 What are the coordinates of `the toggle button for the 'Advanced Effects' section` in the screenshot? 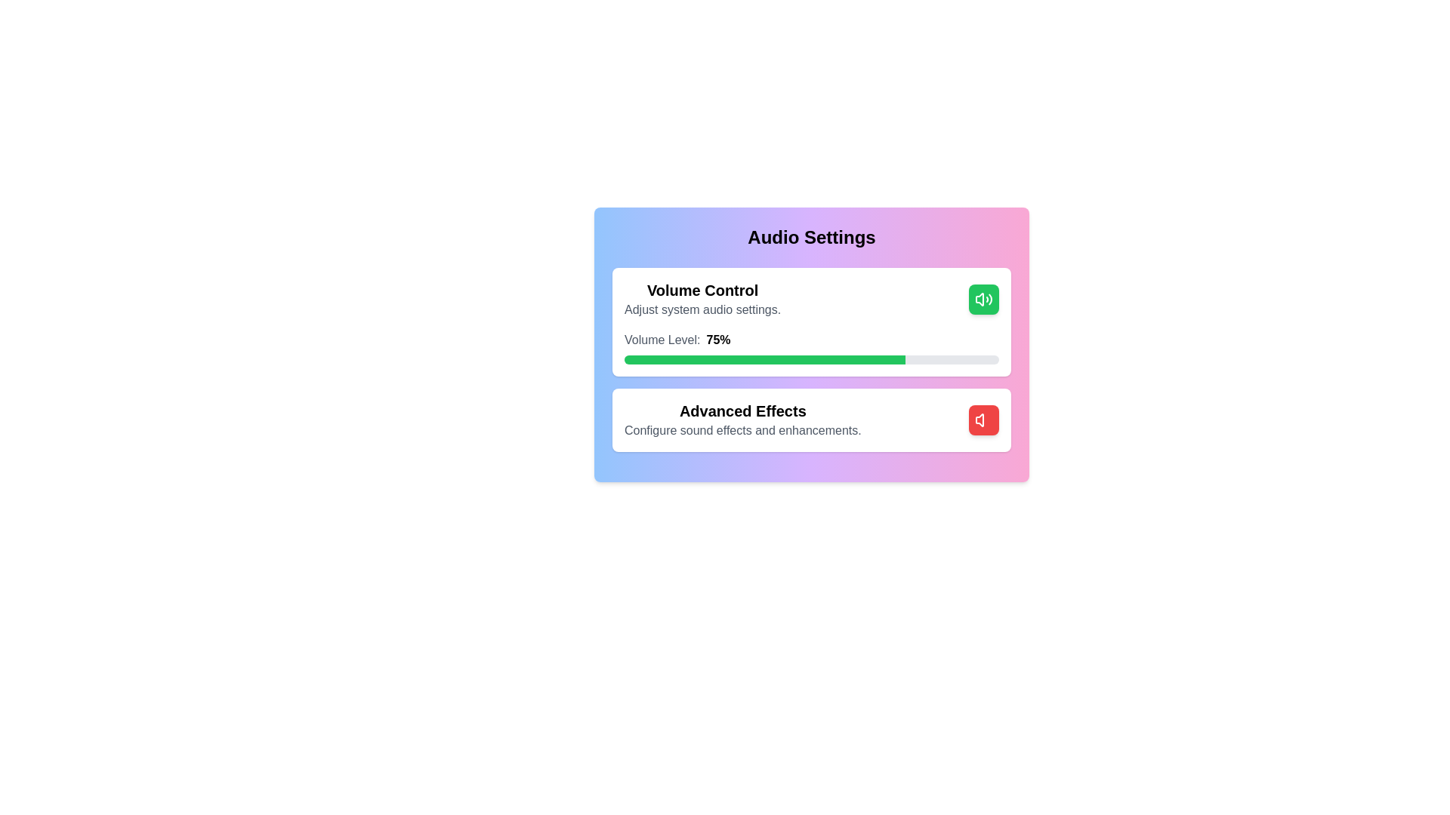 It's located at (983, 420).